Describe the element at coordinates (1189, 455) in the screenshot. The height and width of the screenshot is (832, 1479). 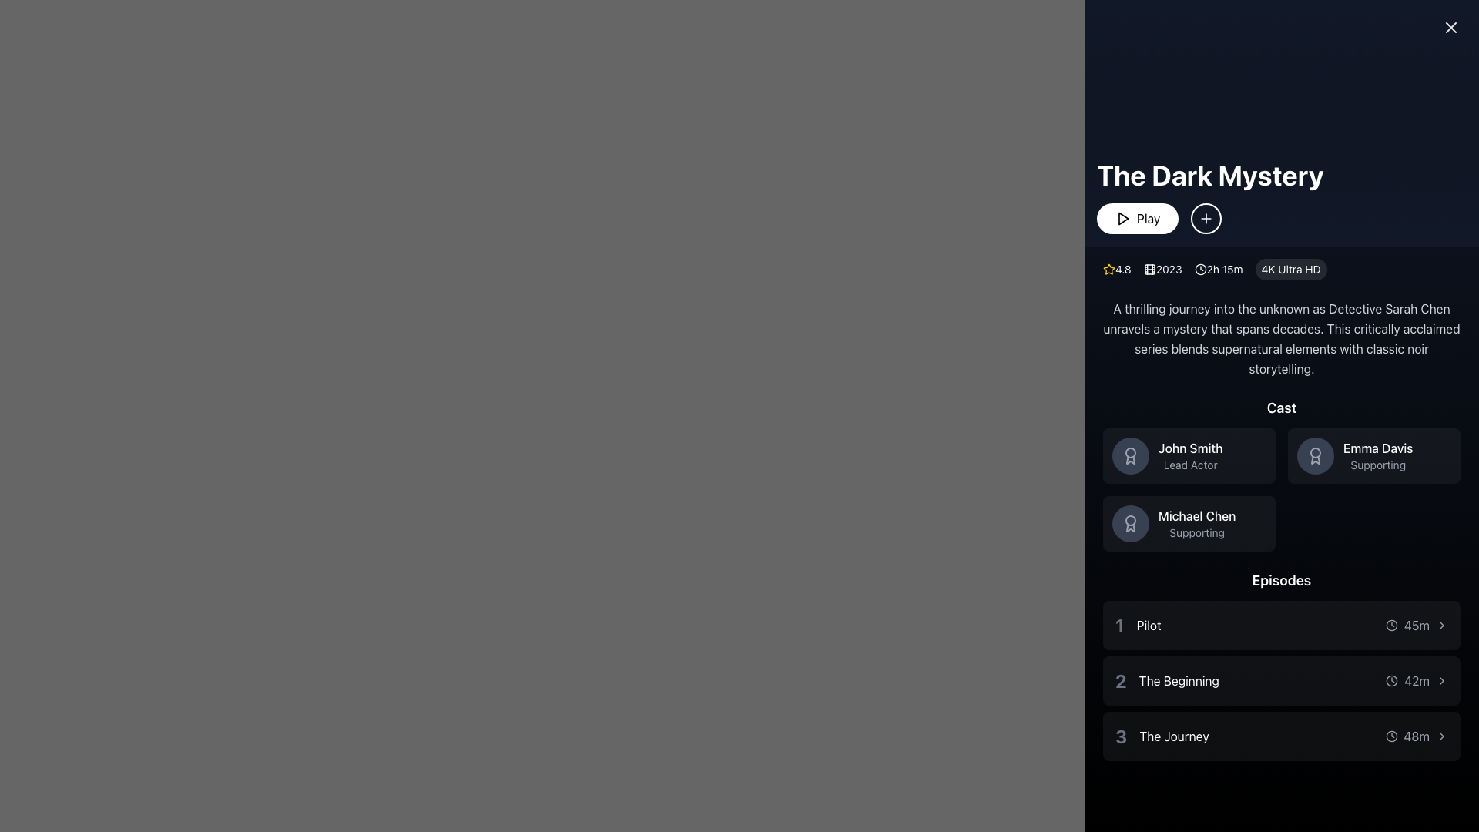
I see `details of the first cast member profile in the right panel under the 'Cast' section, which includes the user's name and their role associated with the media` at that location.